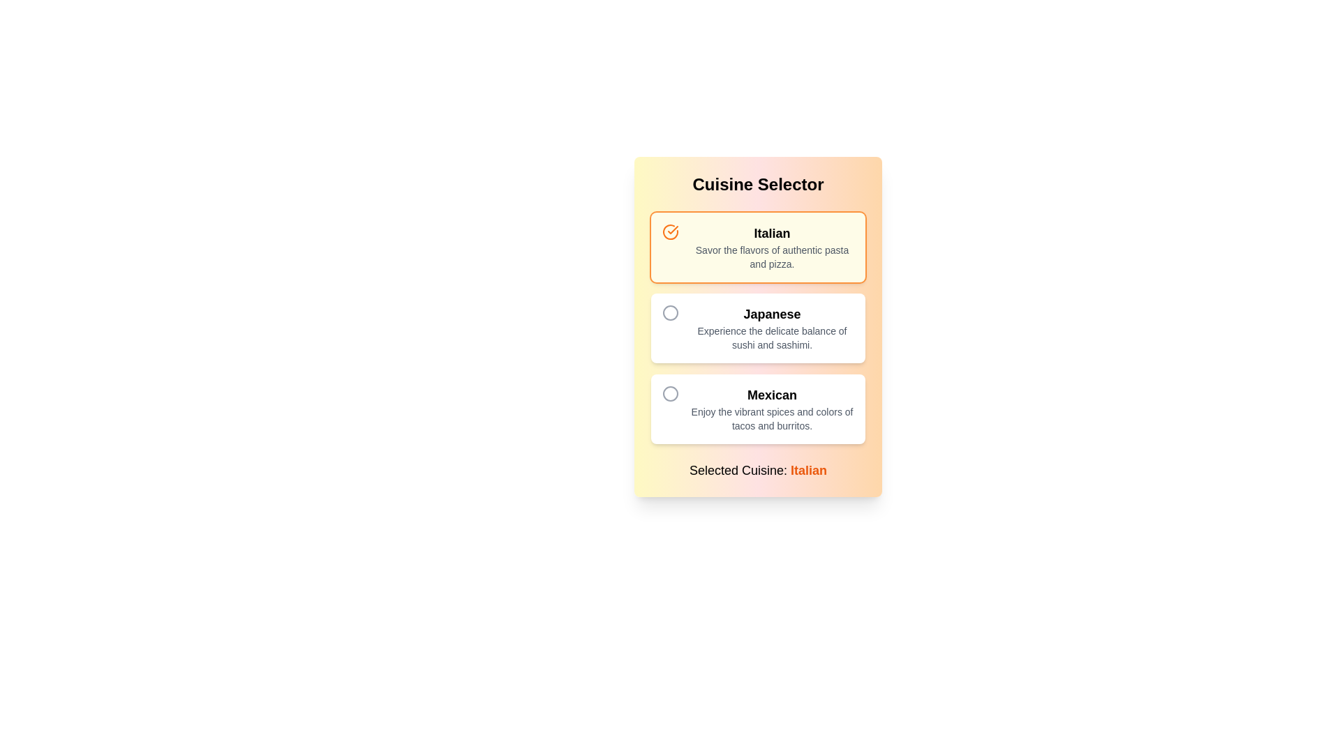 Image resolution: width=1340 pixels, height=753 pixels. What do you see at coordinates (809, 471) in the screenshot?
I see `the text label indicating the current cuisine selection, which displays 'Italian' as part of the sentence 'Selected Cuisine: Italian'` at bounding box center [809, 471].